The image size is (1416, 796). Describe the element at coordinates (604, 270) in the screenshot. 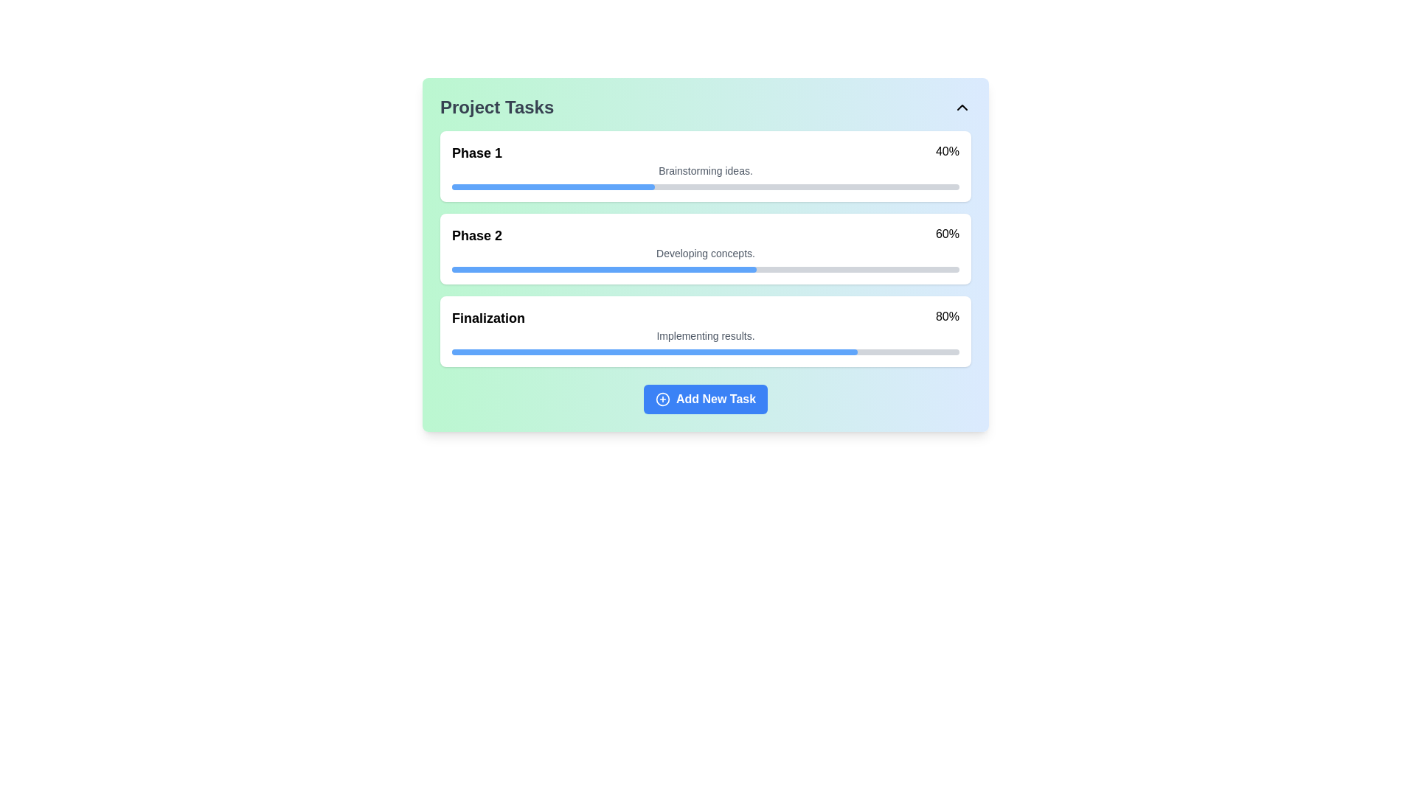

I see `the blue Partial Progress Bar located in the 'Phase 2' section, which reflects a portion of completion, by moving the cursor to its center point` at that location.